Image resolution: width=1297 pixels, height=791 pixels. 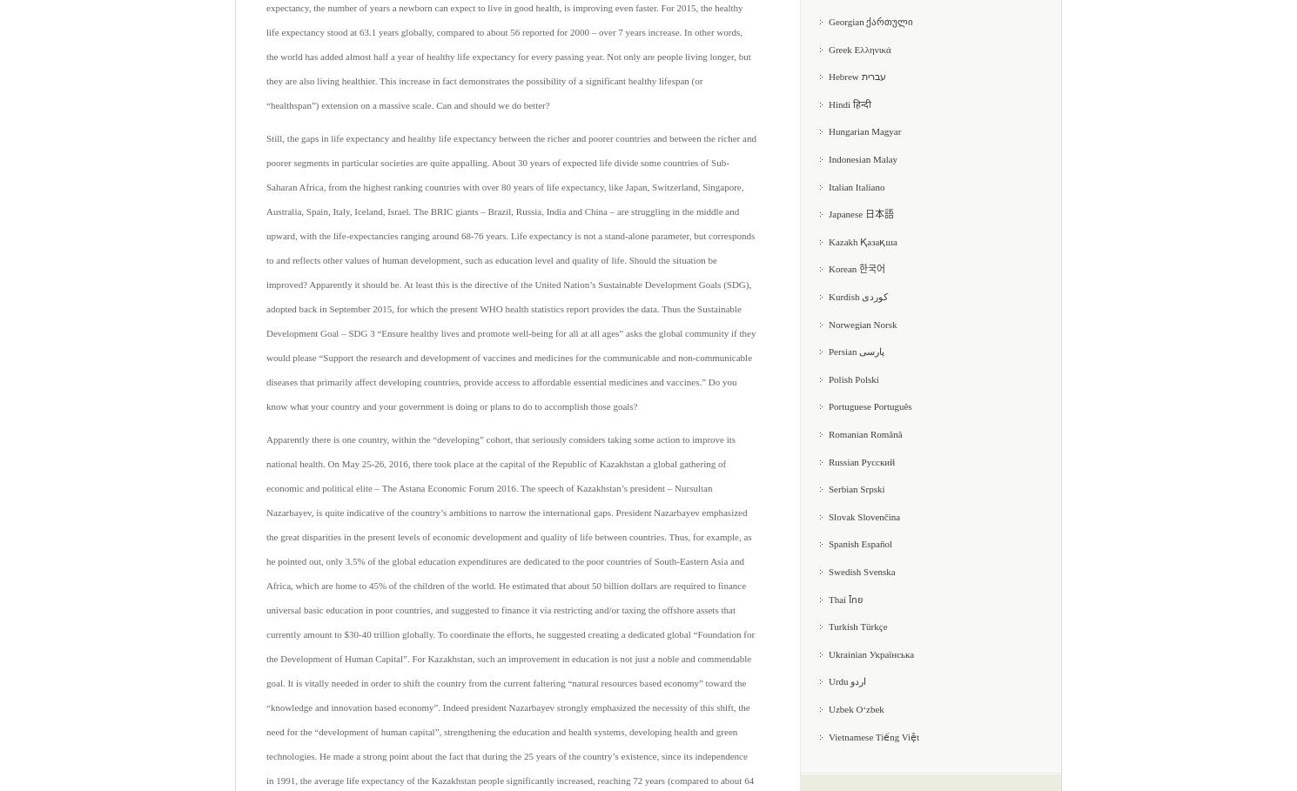 I want to click on 'Indonesian Malay', so click(x=863, y=158).